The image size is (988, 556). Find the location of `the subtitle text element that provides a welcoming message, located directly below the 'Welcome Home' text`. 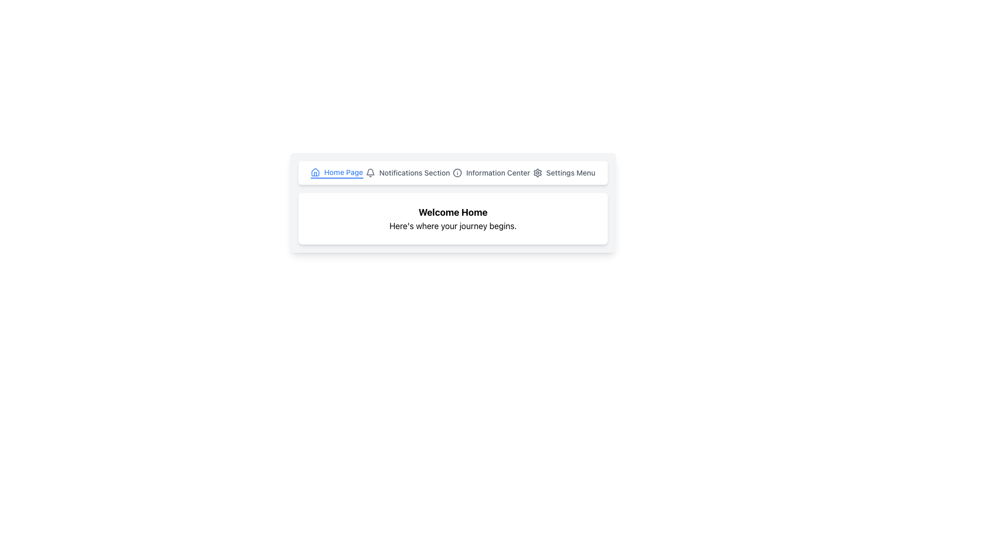

the subtitle text element that provides a welcoming message, located directly below the 'Welcome Home' text is located at coordinates (453, 225).